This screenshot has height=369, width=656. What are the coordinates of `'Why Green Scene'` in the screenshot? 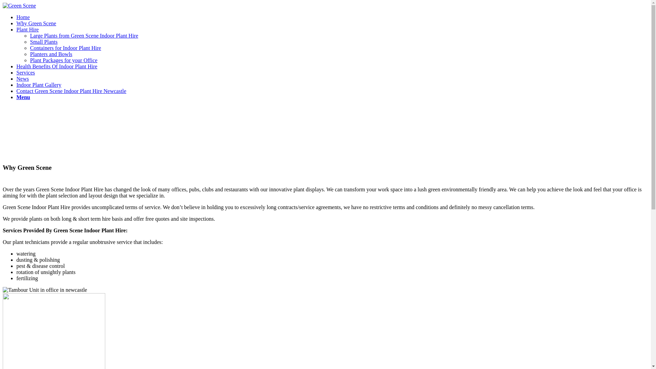 It's located at (36, 23).